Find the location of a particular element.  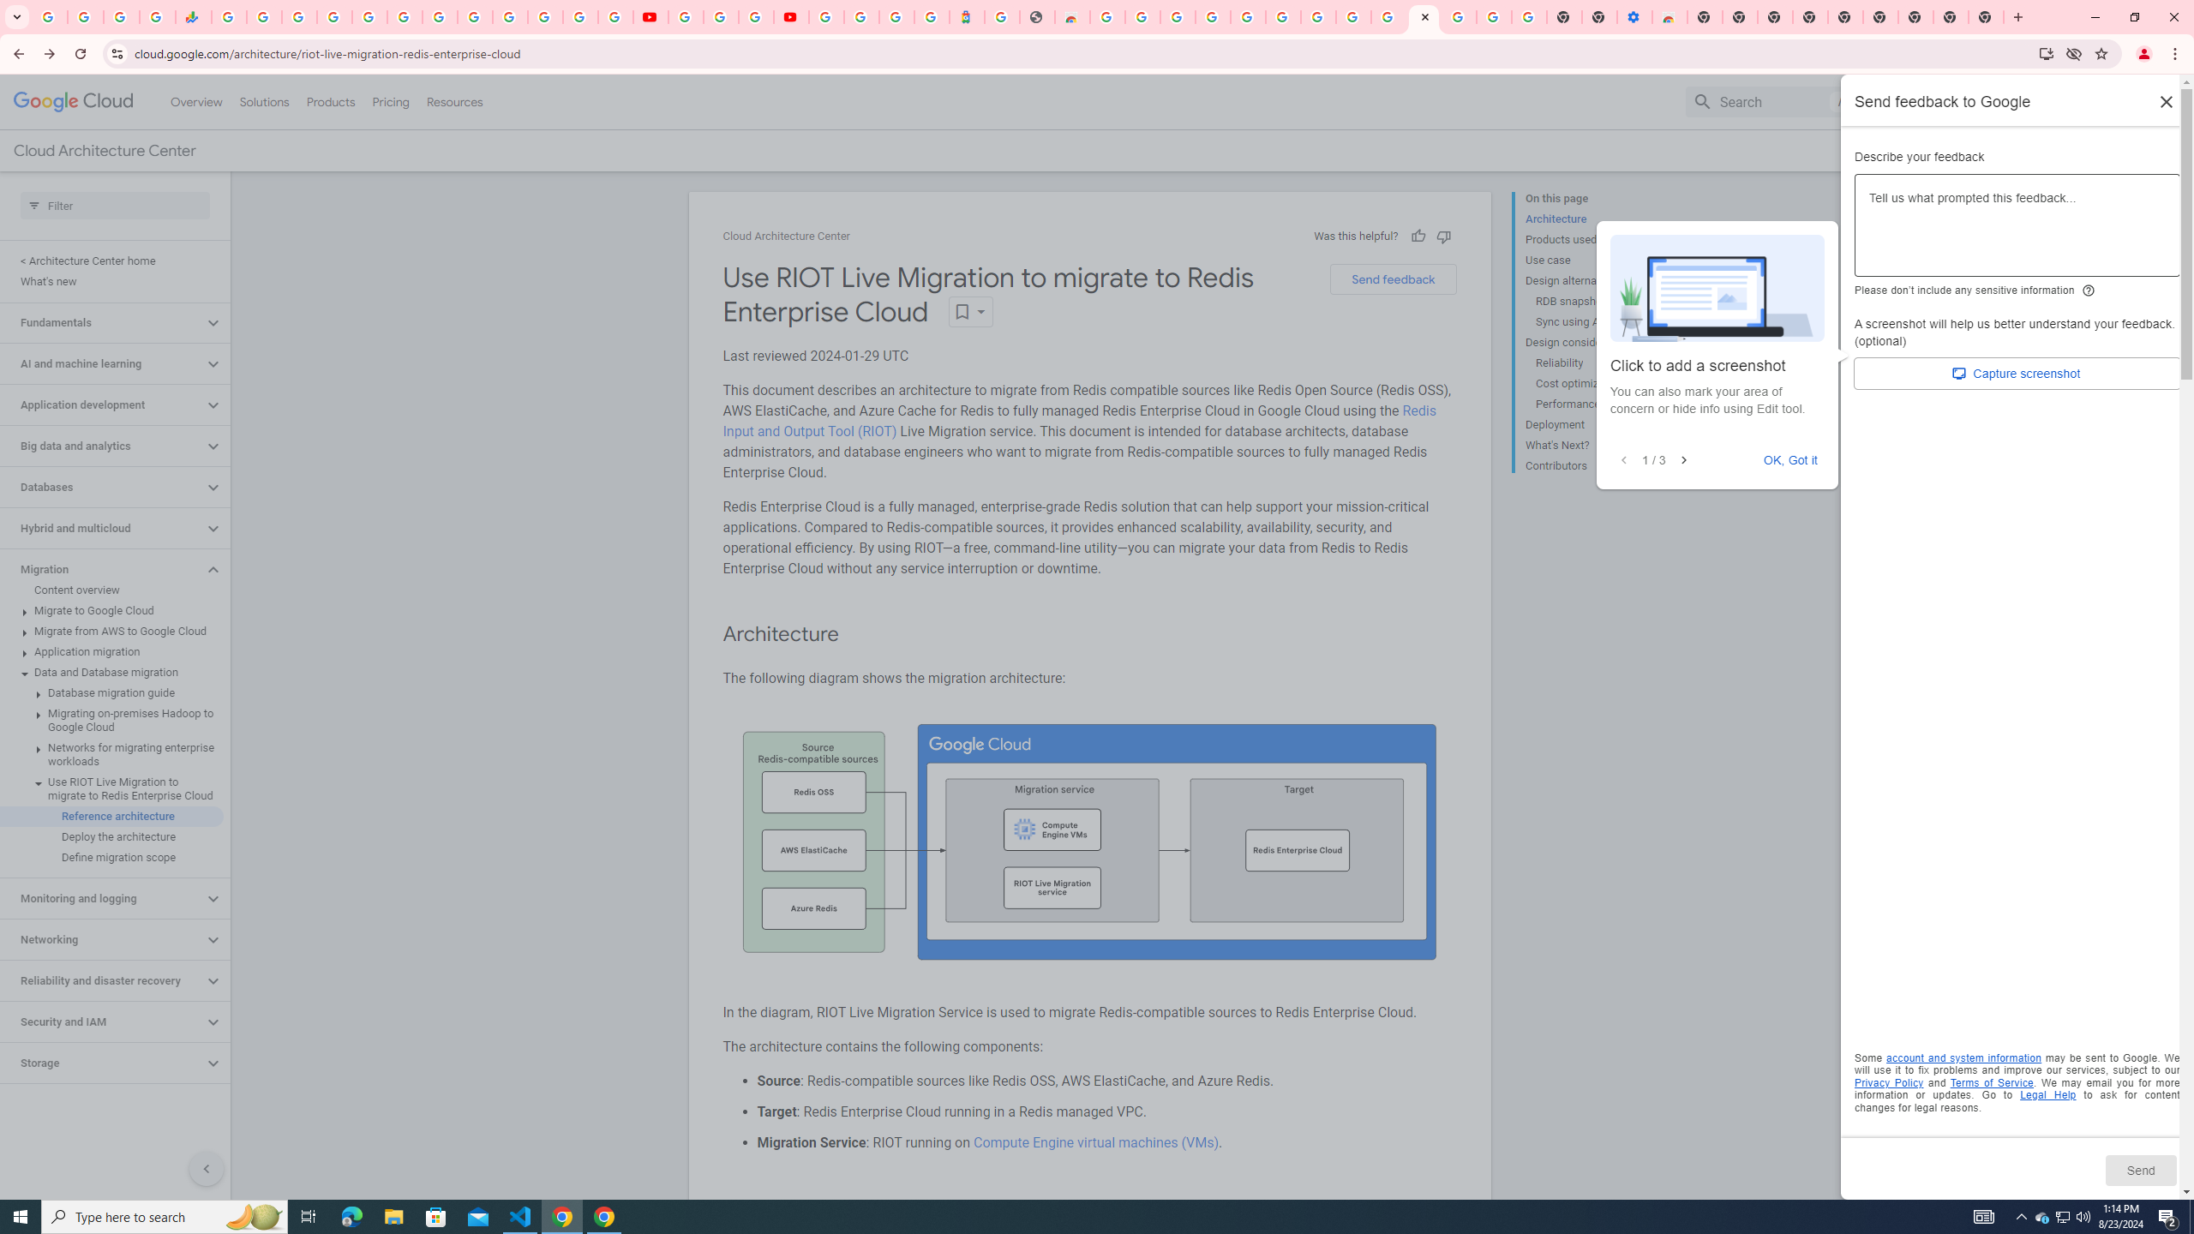

'OK, Got it' is located at coordinates (1791, 459).